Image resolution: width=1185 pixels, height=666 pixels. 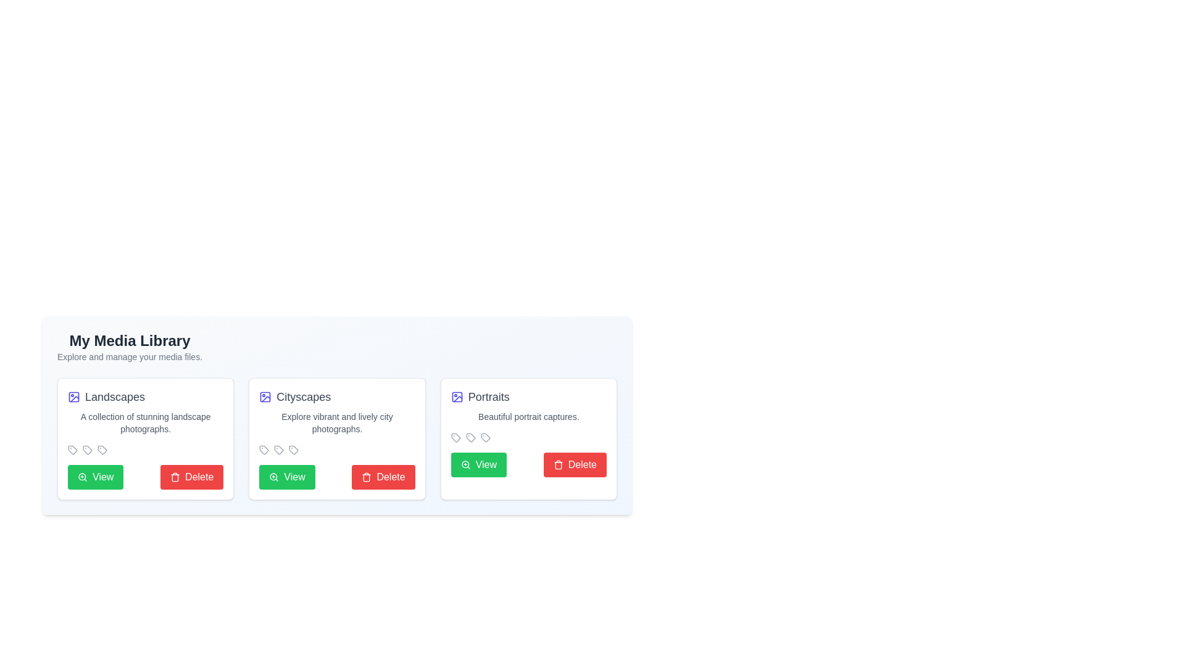 What do you see at coordinates (95, 477) in the screenshot?
I see `the first 'View' button in the 'Landscapes' section to observe the hover effect` at bounding box center [95, 477].